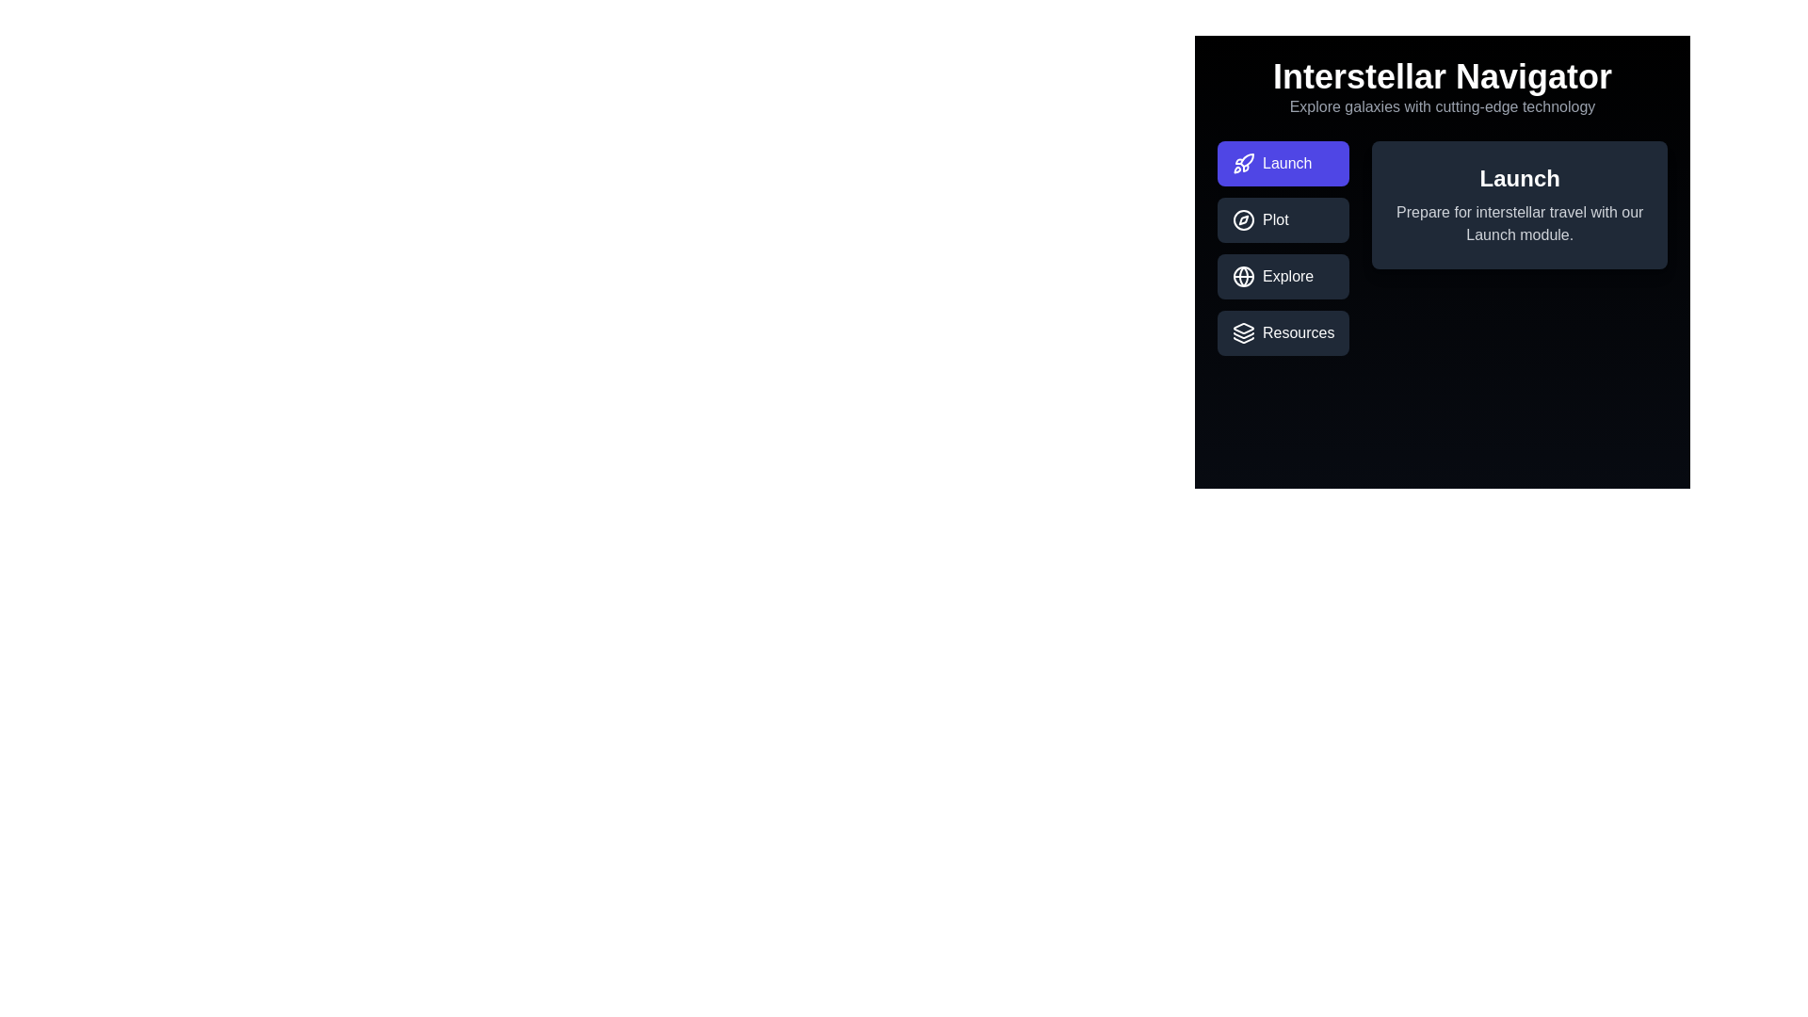 The width and height of the screenshot is (1808, 1017). Describe the element at coordinates (1283, 219) in the screenshot. I see `the tab labeled Plot to view its content` at that location.